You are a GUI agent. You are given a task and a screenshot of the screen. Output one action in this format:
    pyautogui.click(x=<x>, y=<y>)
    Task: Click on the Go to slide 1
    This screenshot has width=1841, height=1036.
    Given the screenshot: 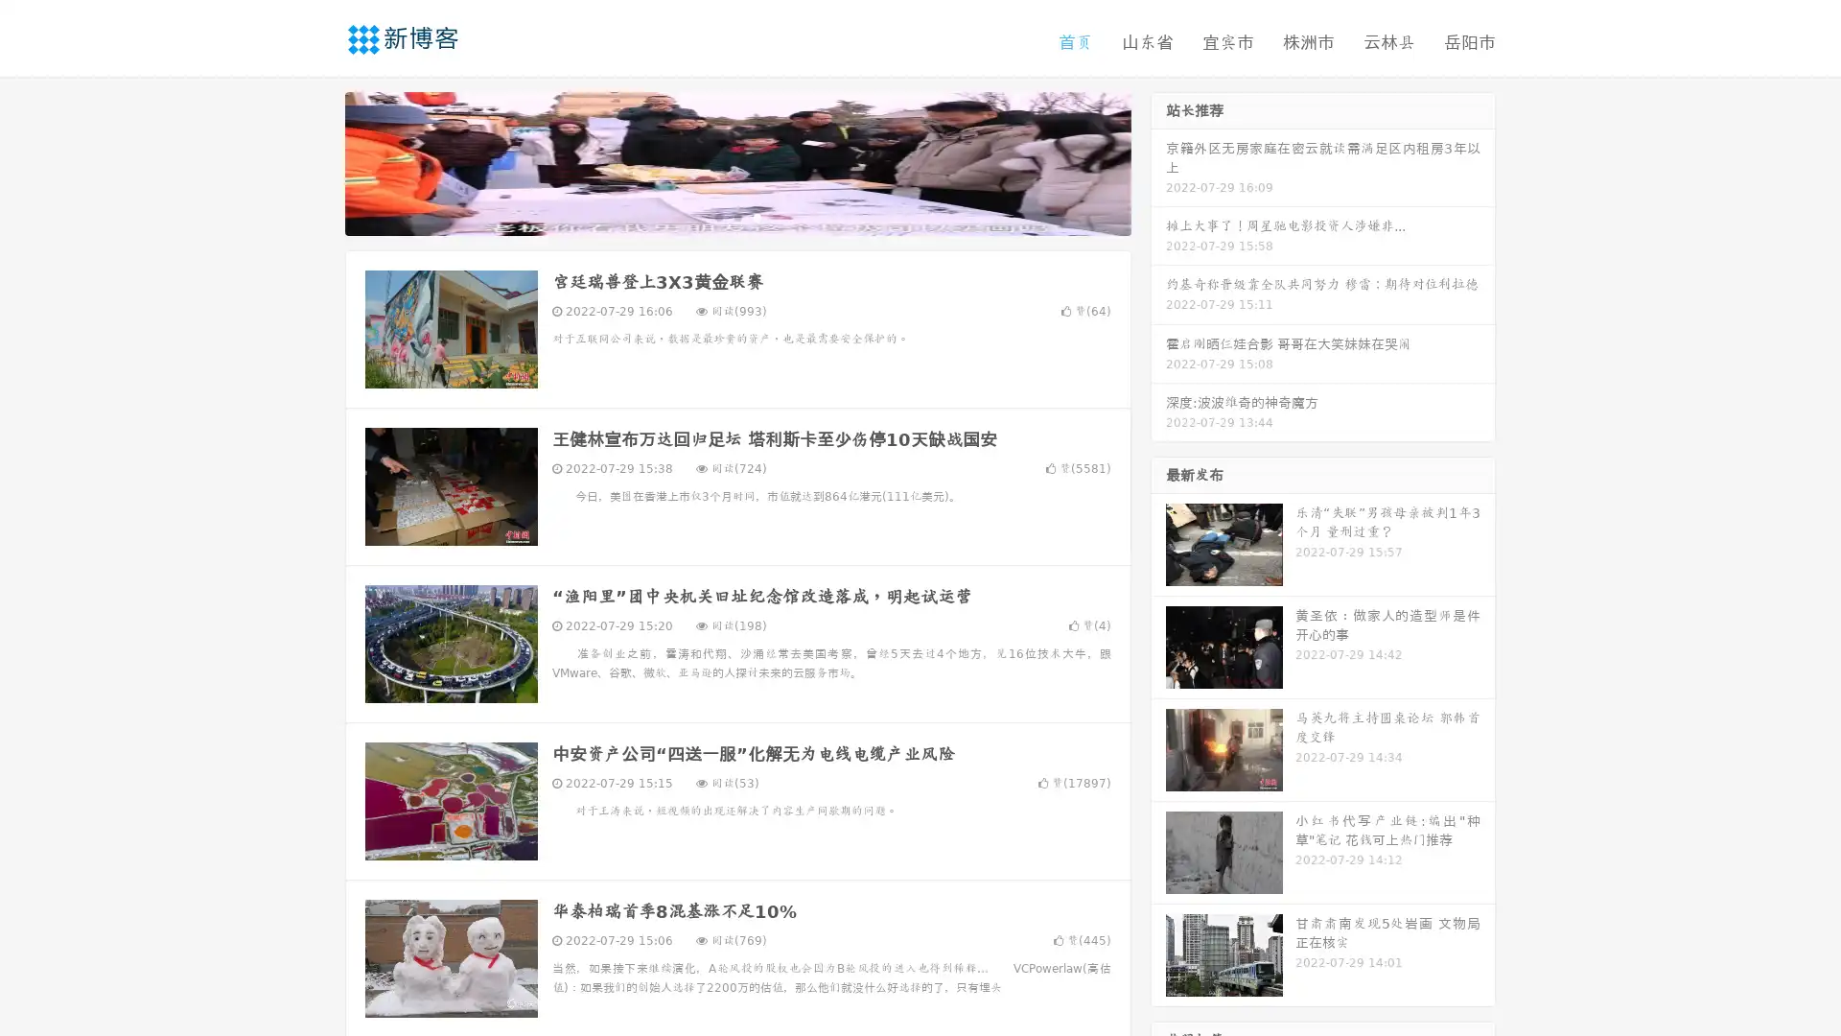 What is the action you would take?
    pyautogui.click(x=717, y=216)
    